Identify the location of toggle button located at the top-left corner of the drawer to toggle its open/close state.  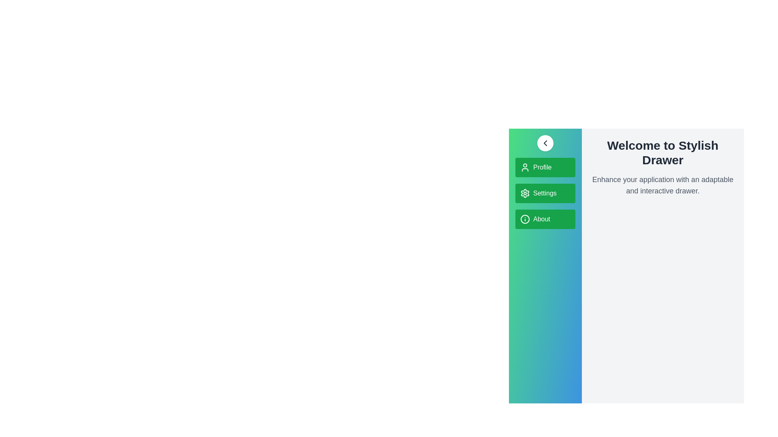
(545, 143).